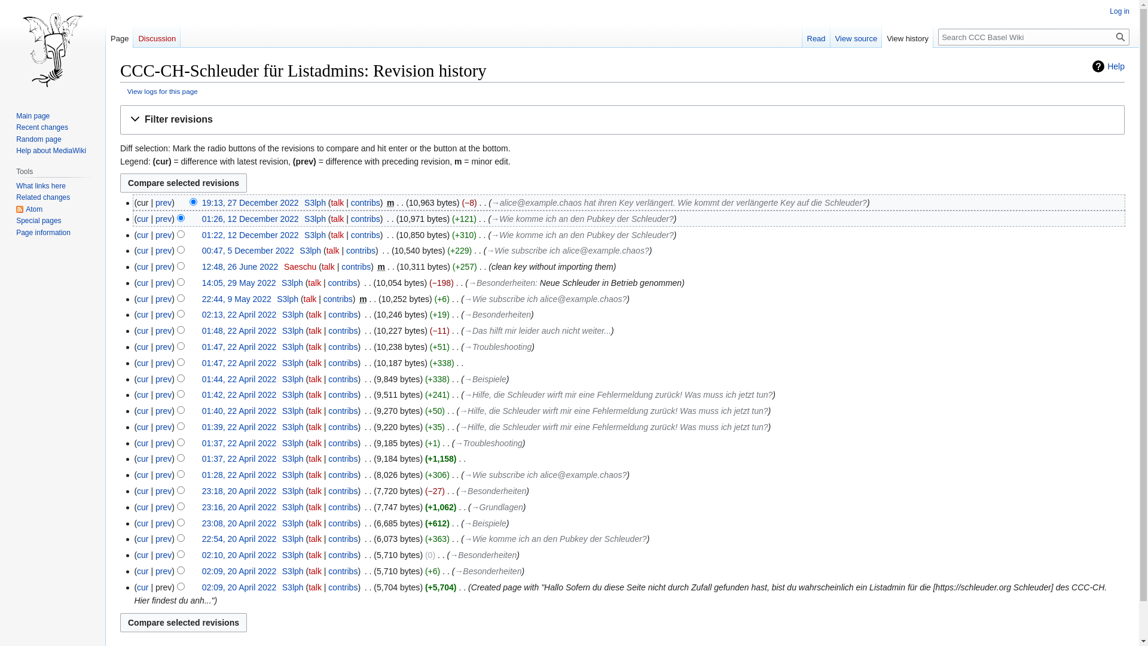  Describe the element at coordinates (337, 202) in the screenshot. I see `'talk'` at that location.